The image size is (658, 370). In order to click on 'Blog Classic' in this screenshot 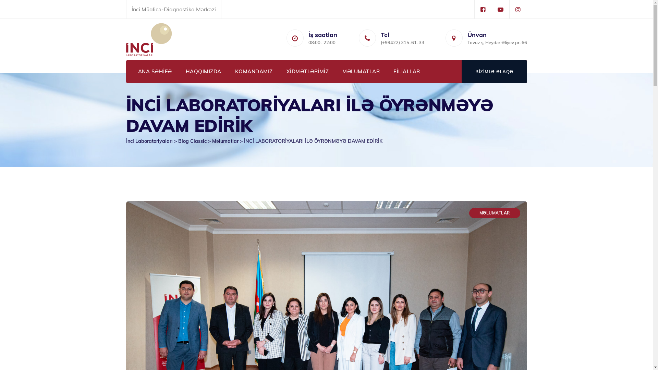, I will do `click(192, 141)`.